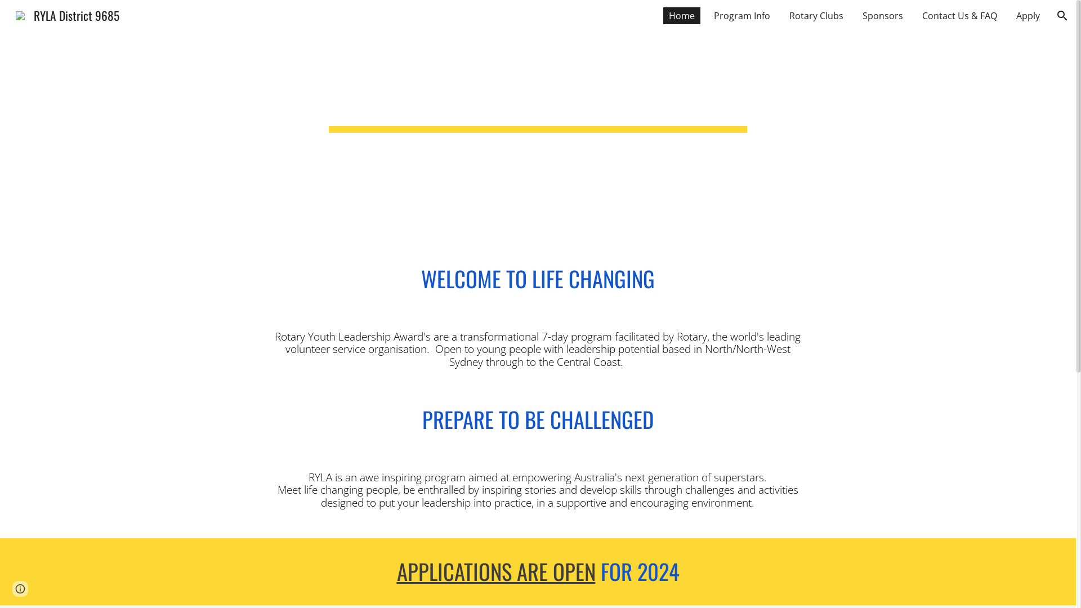 Image resolution: width=1081 pixels, height=608 pixels. I want to click on 'Rotary Clubs', so click(816, 15).